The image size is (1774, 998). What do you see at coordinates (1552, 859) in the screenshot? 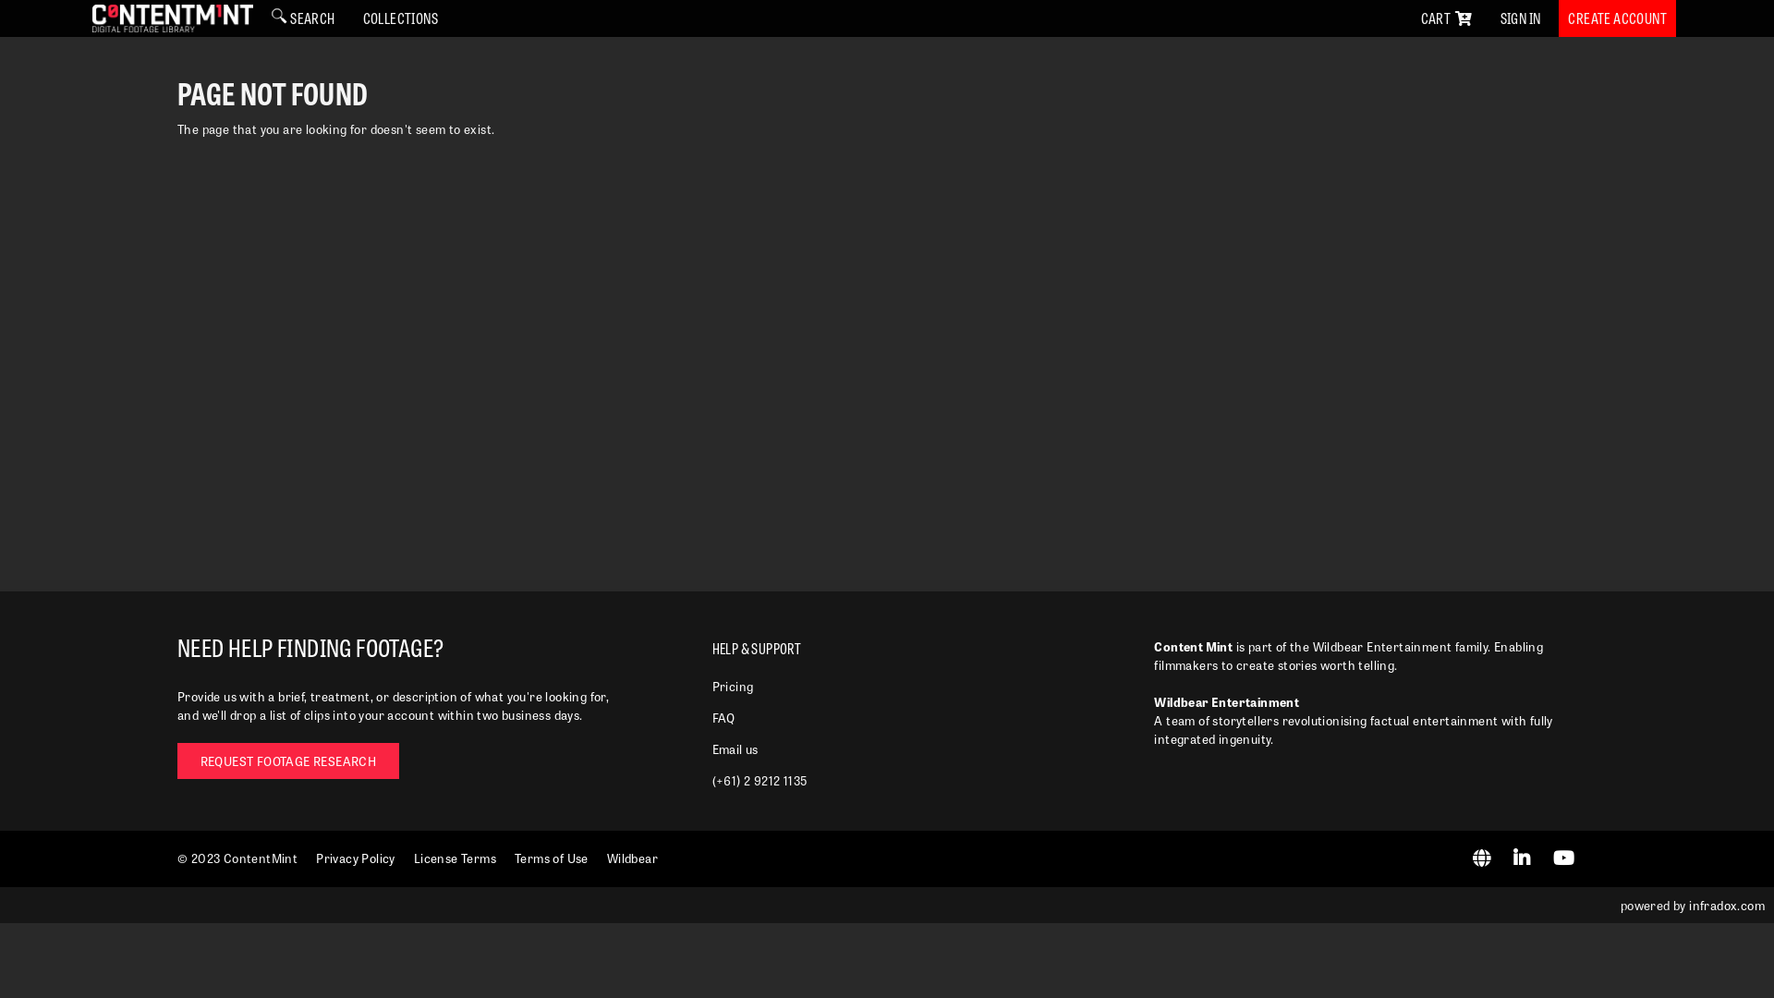
I see `'https://www.youtube.com/@wildvisuals'` at bounding box center [1552, 859].